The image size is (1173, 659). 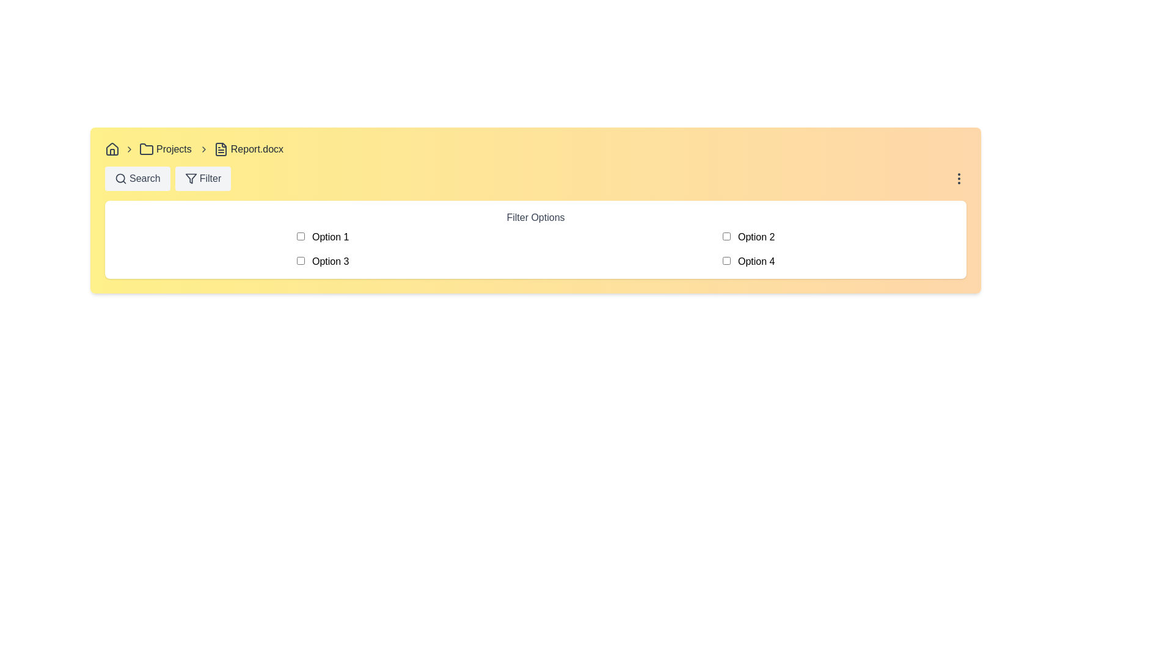 What do you see at coordinates (190, 179) in the screenshot?
I see `the small inverted funnel icon located on the toolbar to the right of the 'Search' button` at bounding box center [190, 179].